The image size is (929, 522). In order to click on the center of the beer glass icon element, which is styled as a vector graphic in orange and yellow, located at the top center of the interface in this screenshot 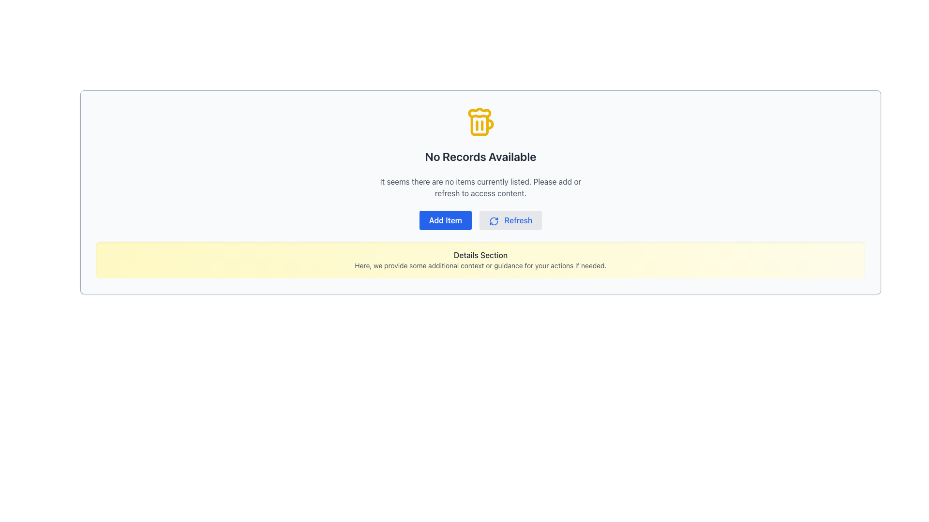, I will do `click(479, 125)`.